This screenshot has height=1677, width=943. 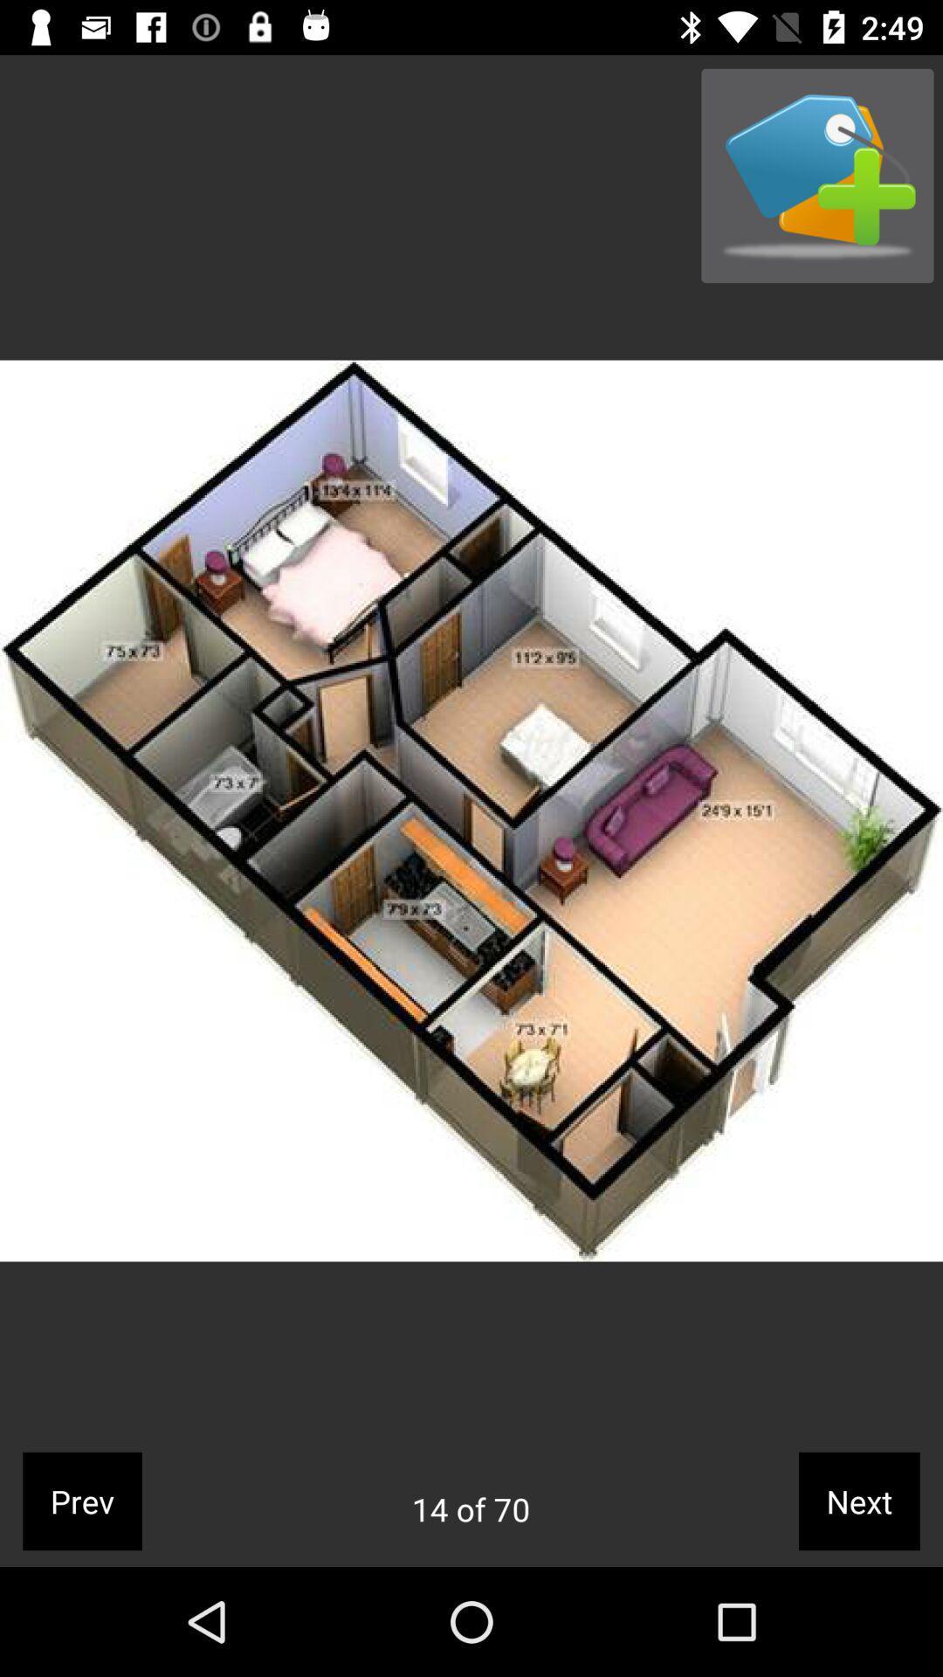 I want to click on app next to the next icon, so click(x=470, y=1508).